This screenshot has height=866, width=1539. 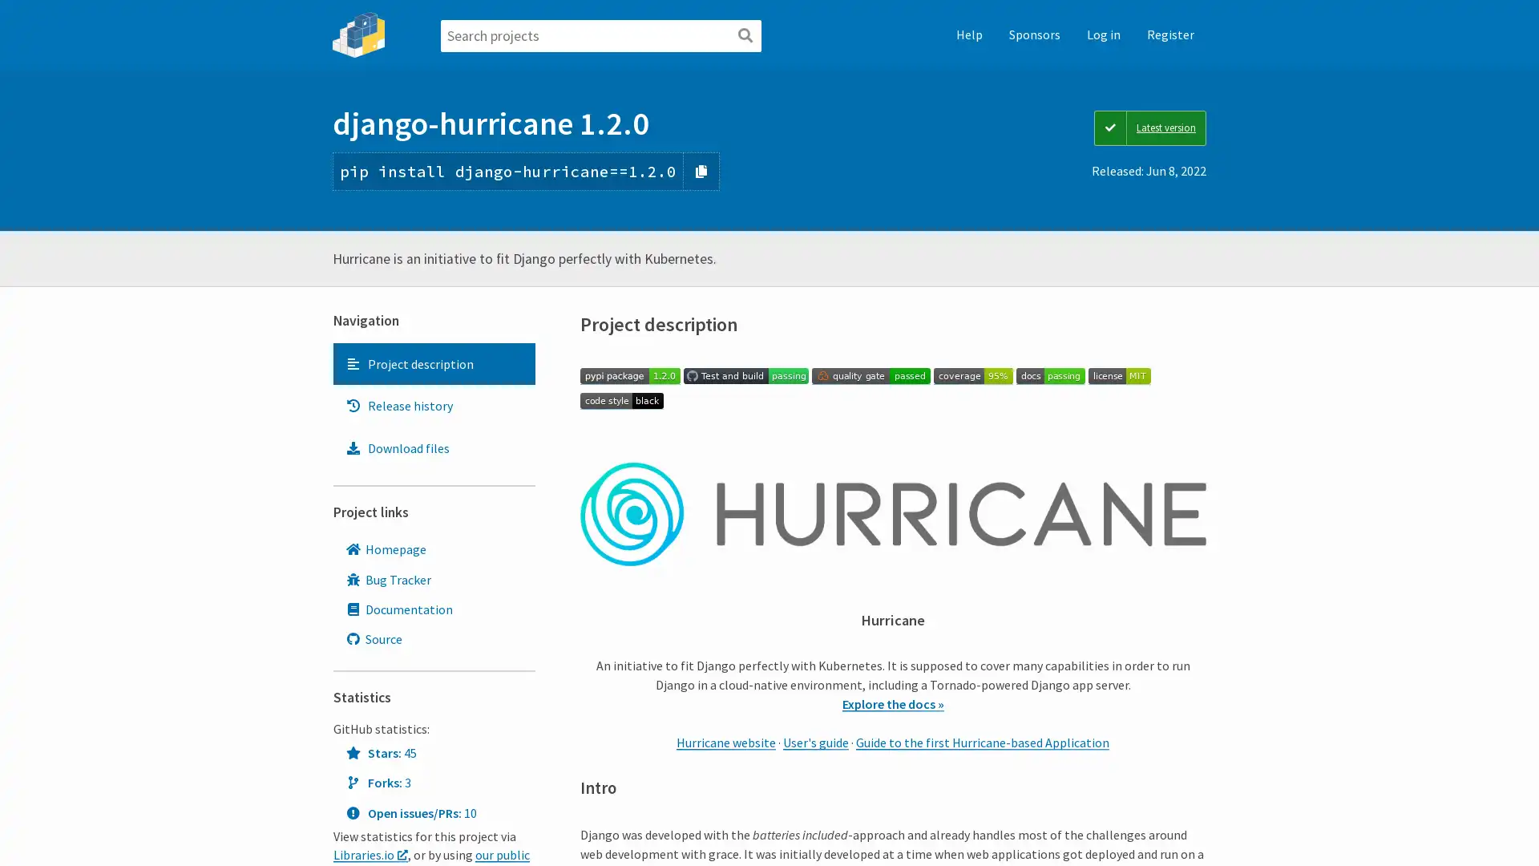 What do you see at coordinates (701, 171) in the screenshot?
I see `Copy PIP instructions` at bounding box center [701, 171].